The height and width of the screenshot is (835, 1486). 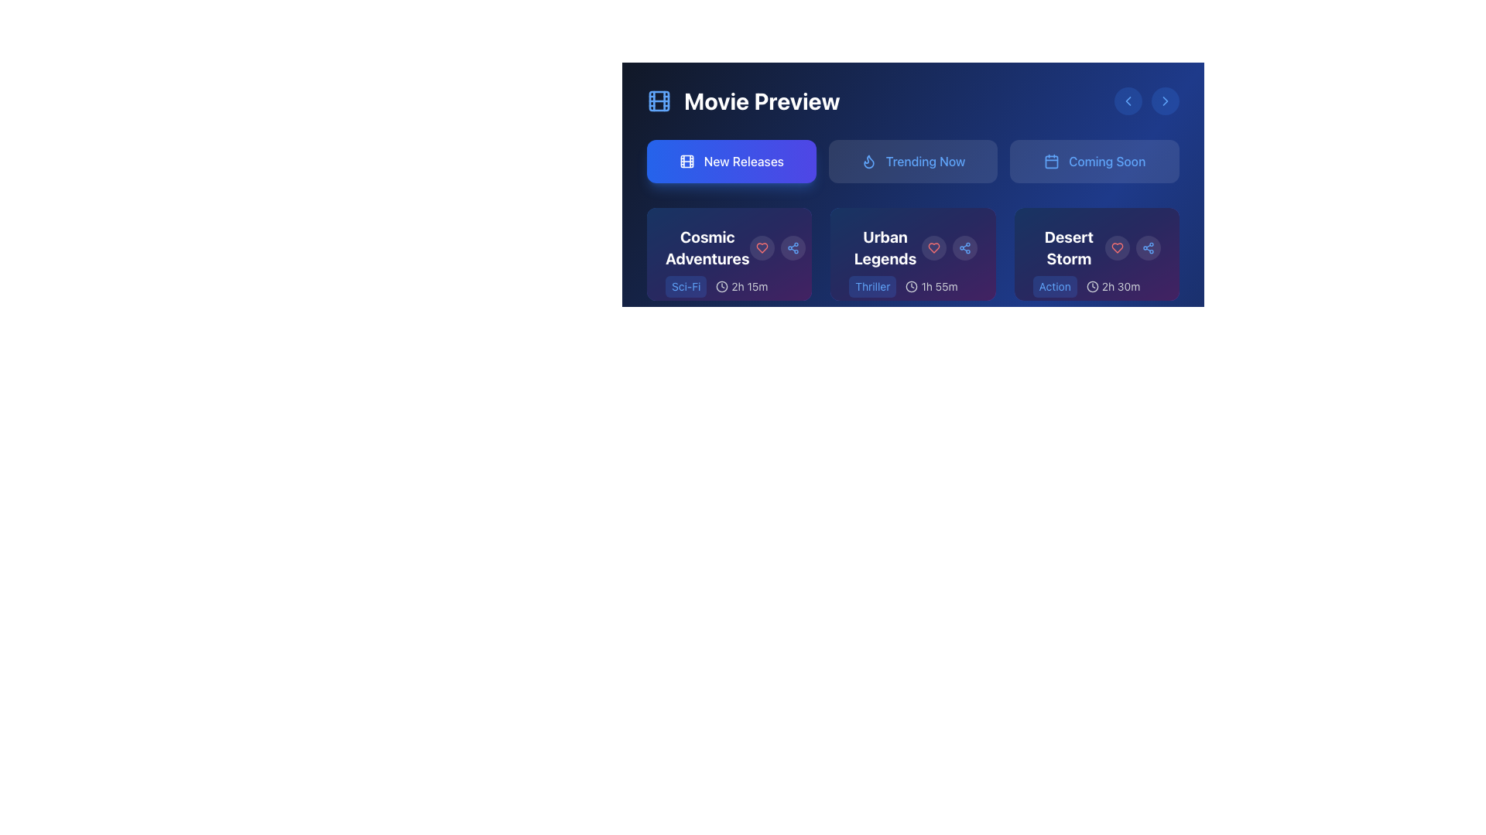 What do you see at coordinates (1051, 161) in the screenshot?
I see `the 'Coming Soon' button which contains the blue calendar icon with binder rings at the top` at bounding box center [1051, 161].